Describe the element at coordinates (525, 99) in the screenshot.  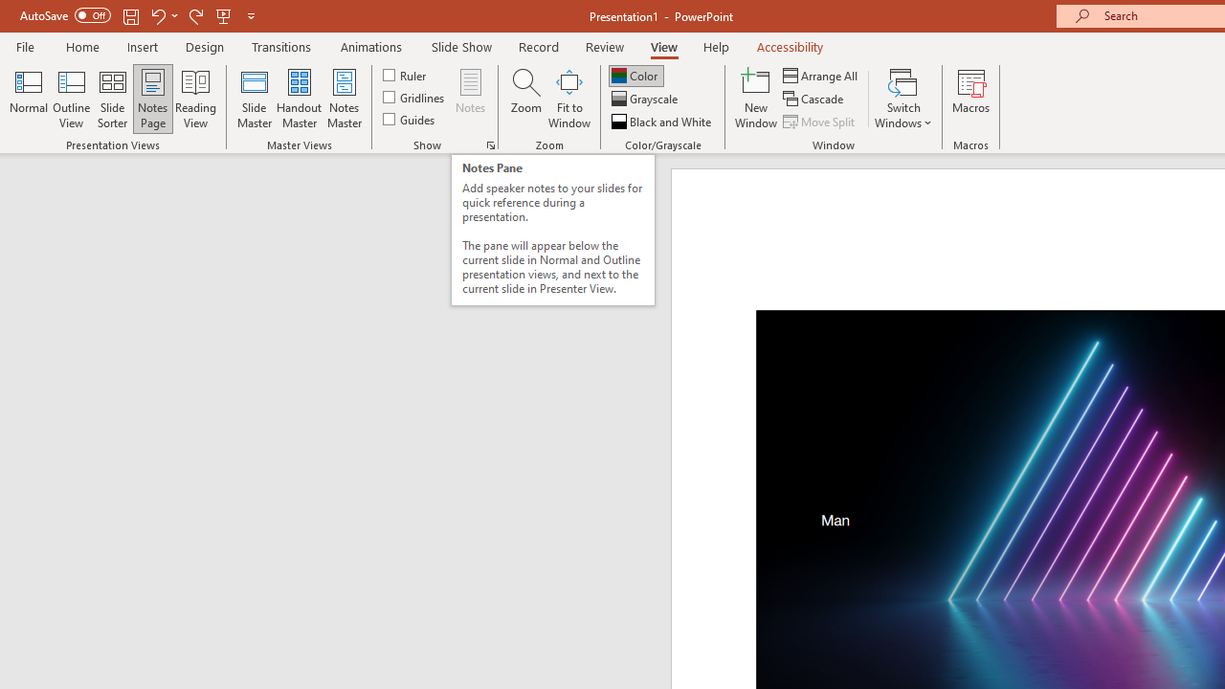
I see `'Zoom...'` at that location.